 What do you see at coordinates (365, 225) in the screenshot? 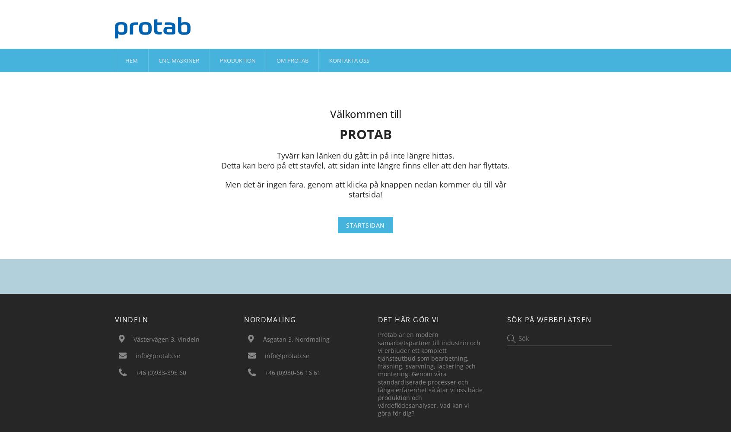
I see `'Startsidan'` at bounding box center [365, 225].